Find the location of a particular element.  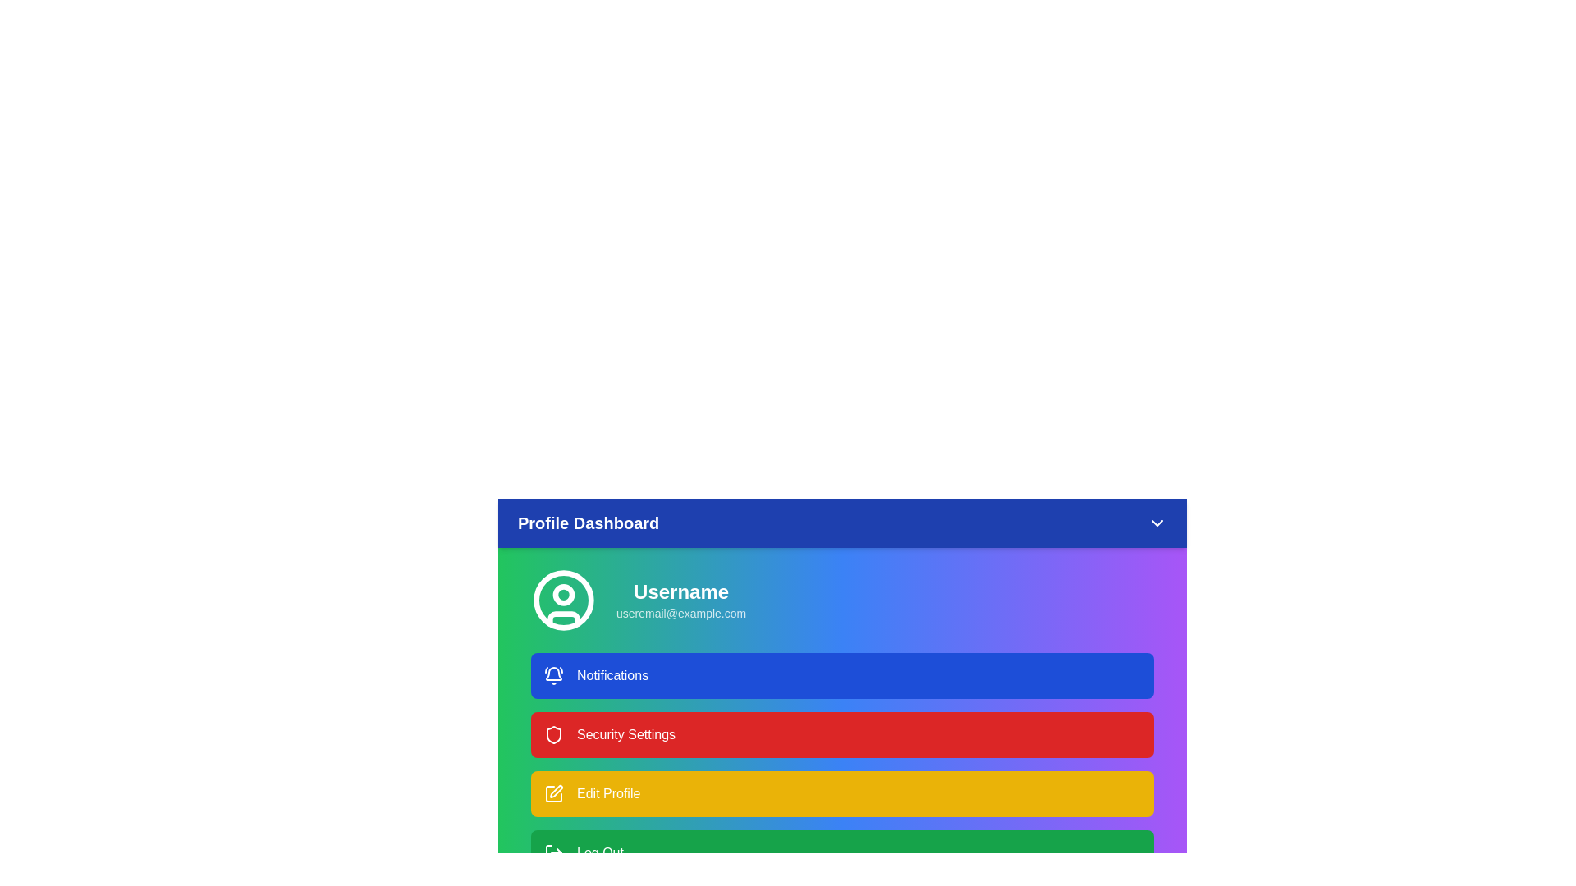

the header to toggle the menu visibility is located at coordinates (842, 523).